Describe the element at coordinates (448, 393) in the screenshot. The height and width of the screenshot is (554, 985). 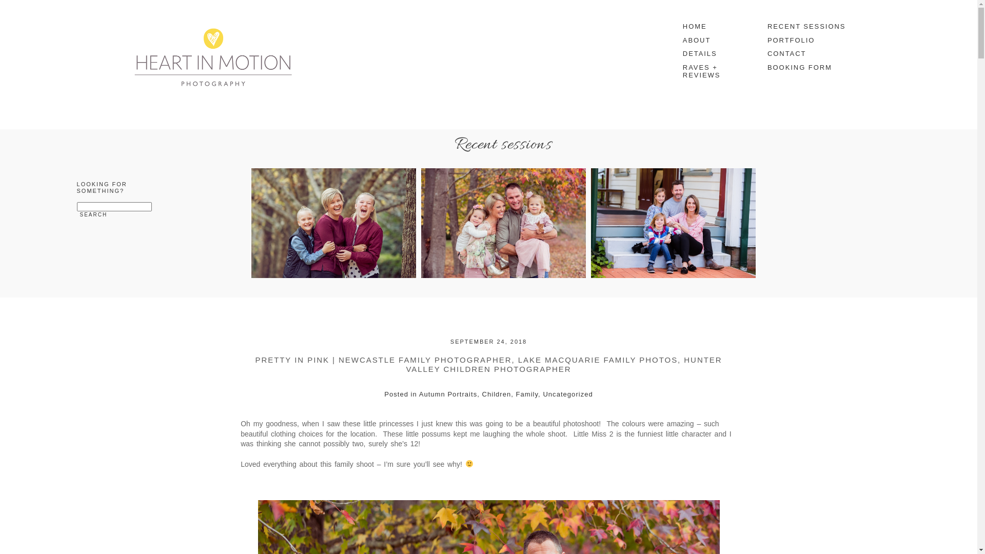
I see `'Autumn Portraits'` at that location.